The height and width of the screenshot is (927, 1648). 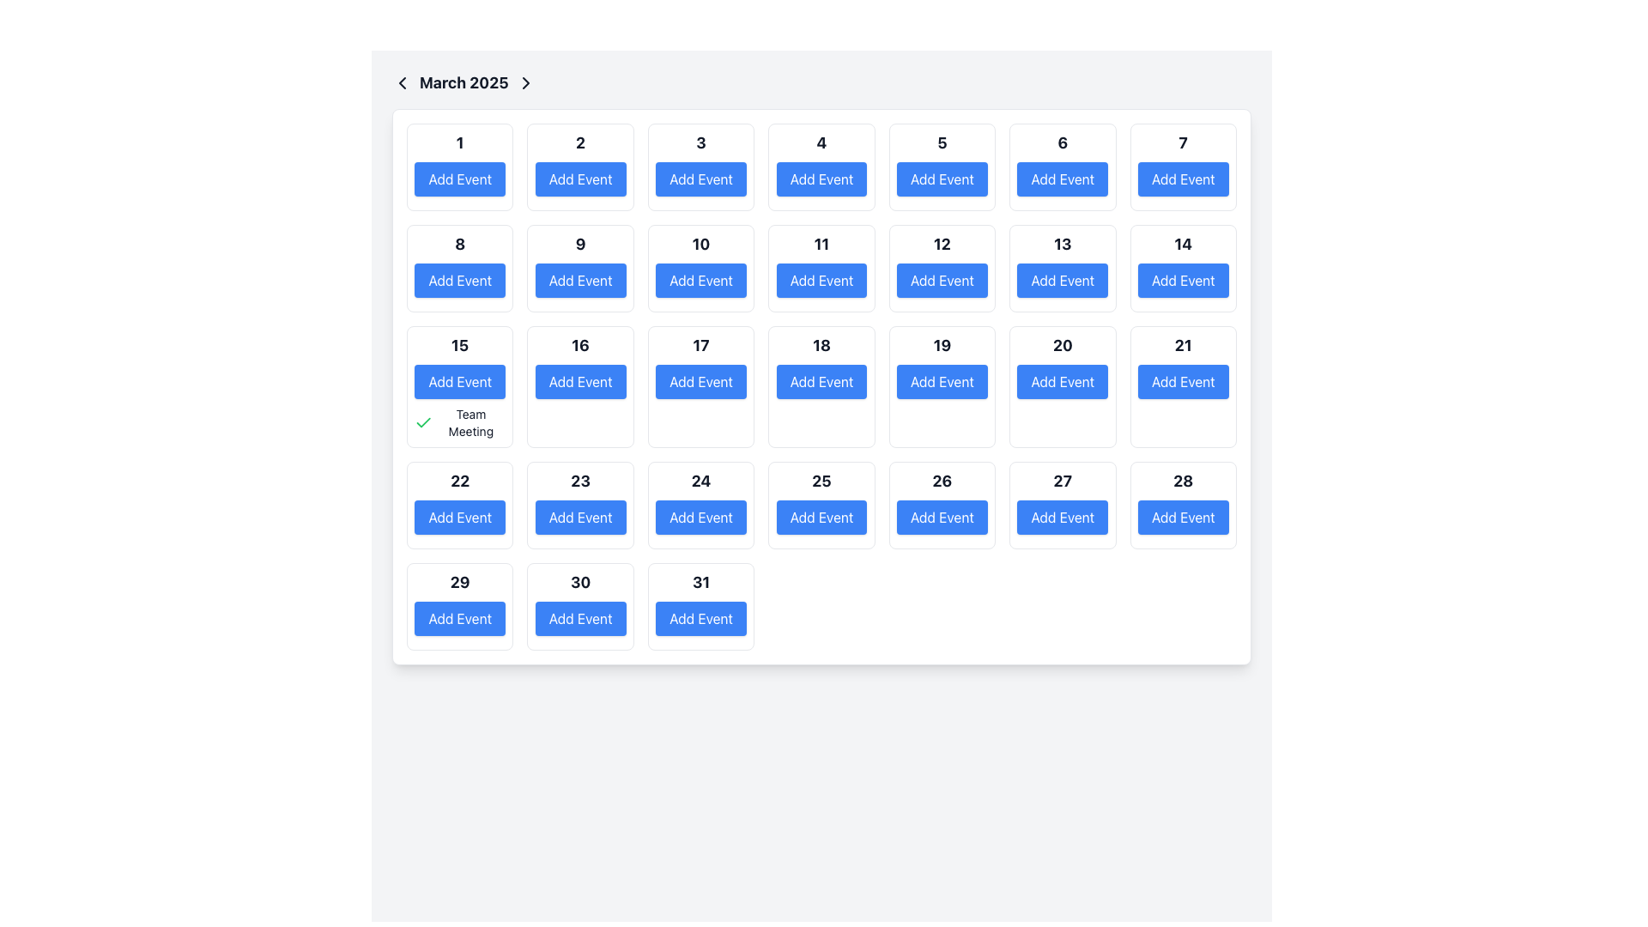 What do you see at coordinates (463, 82) in the screenshot?
I see `text label that indicates the currently displayed month and year in the calendar interface, centrally located in the header section` at bounding box center [463, 82].